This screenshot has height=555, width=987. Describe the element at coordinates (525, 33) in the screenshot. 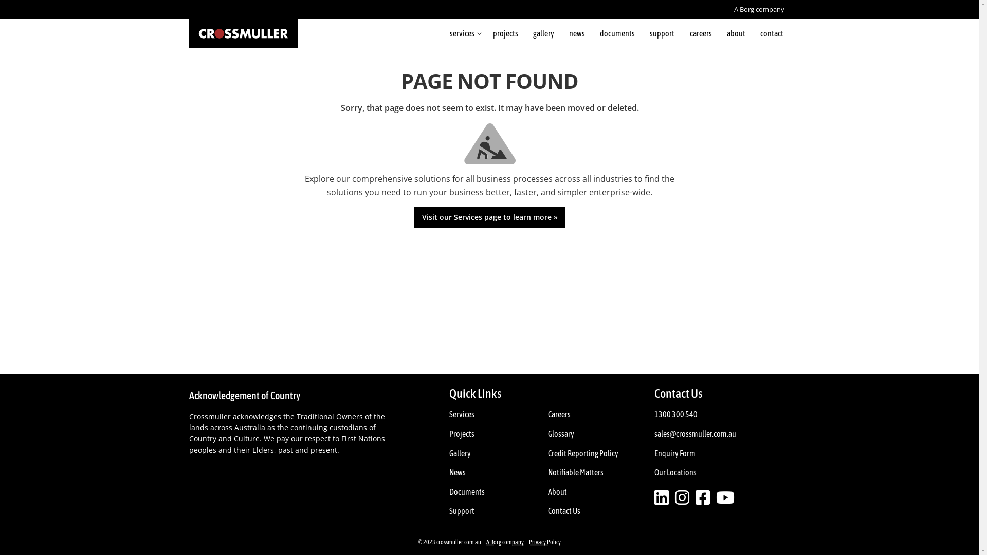

I see `'gallery'` at that location.